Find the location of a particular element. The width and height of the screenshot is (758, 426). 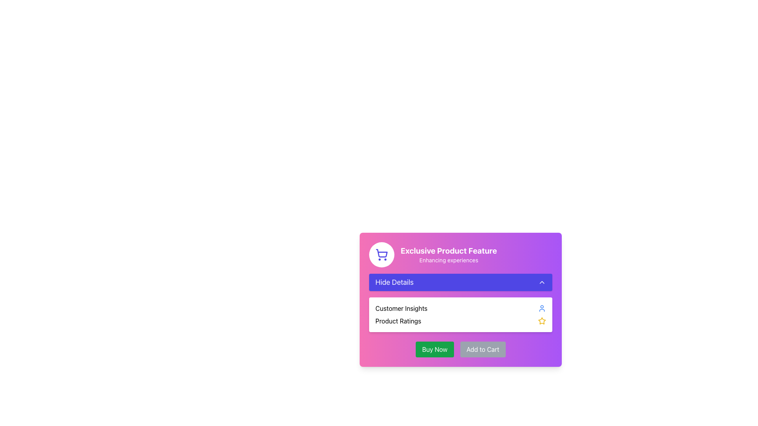

the shopping cart icon, which is styled in vibrant indigo and enclosed in a white circular background, located in the top-left area of the card with a gradient background is located at coordinates (381, 254).